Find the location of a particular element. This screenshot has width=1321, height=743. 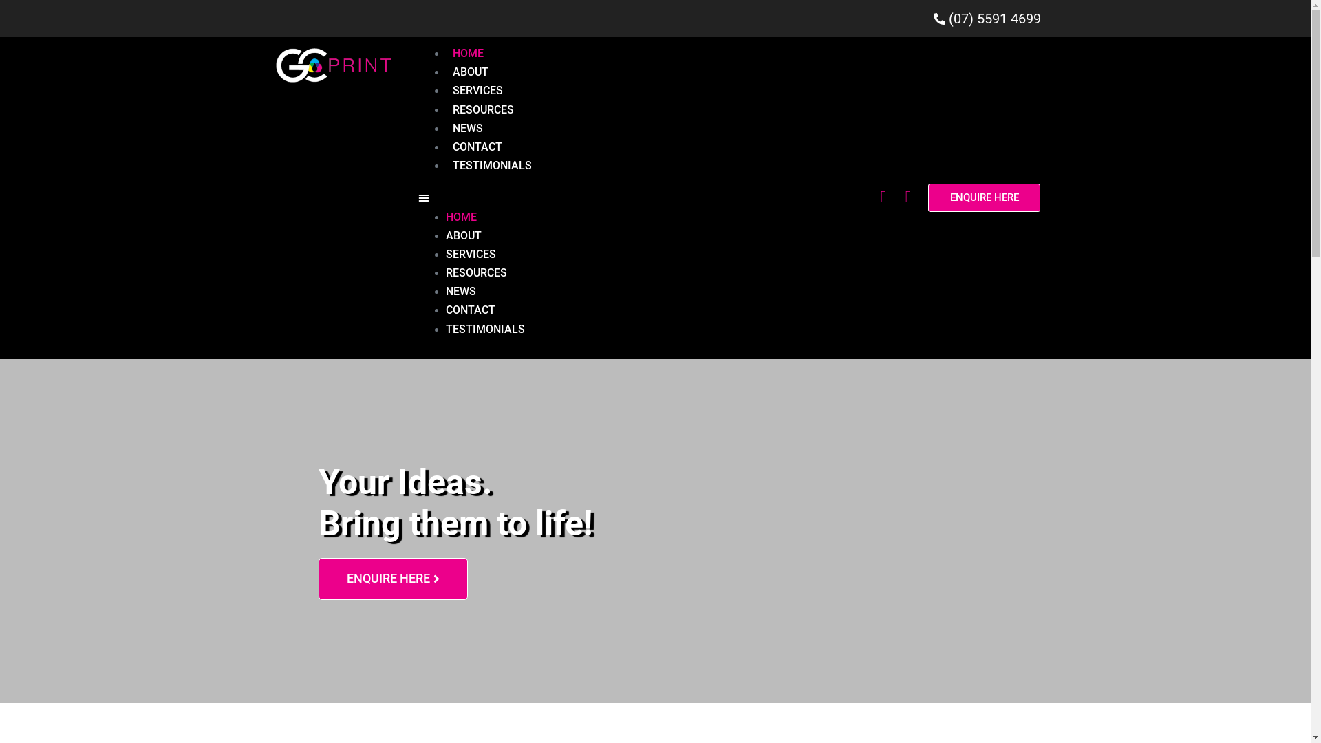

'NEWS' is located at coordinates (461, 290).